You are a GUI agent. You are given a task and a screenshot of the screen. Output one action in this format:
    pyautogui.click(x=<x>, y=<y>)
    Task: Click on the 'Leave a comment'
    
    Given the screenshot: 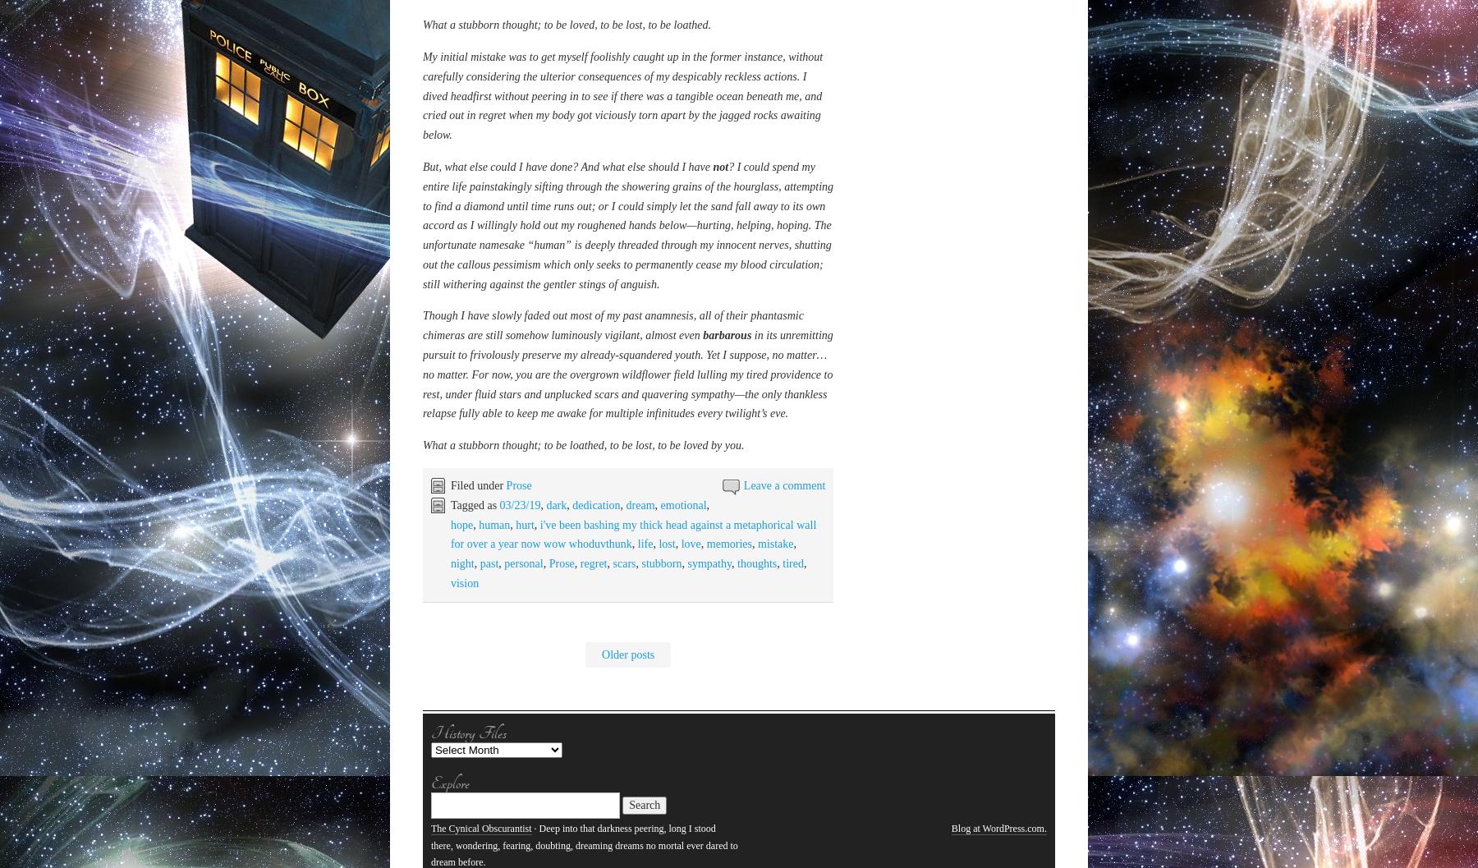 What is the action you would take?
    pyautogui.click(x=742, y=347)
    